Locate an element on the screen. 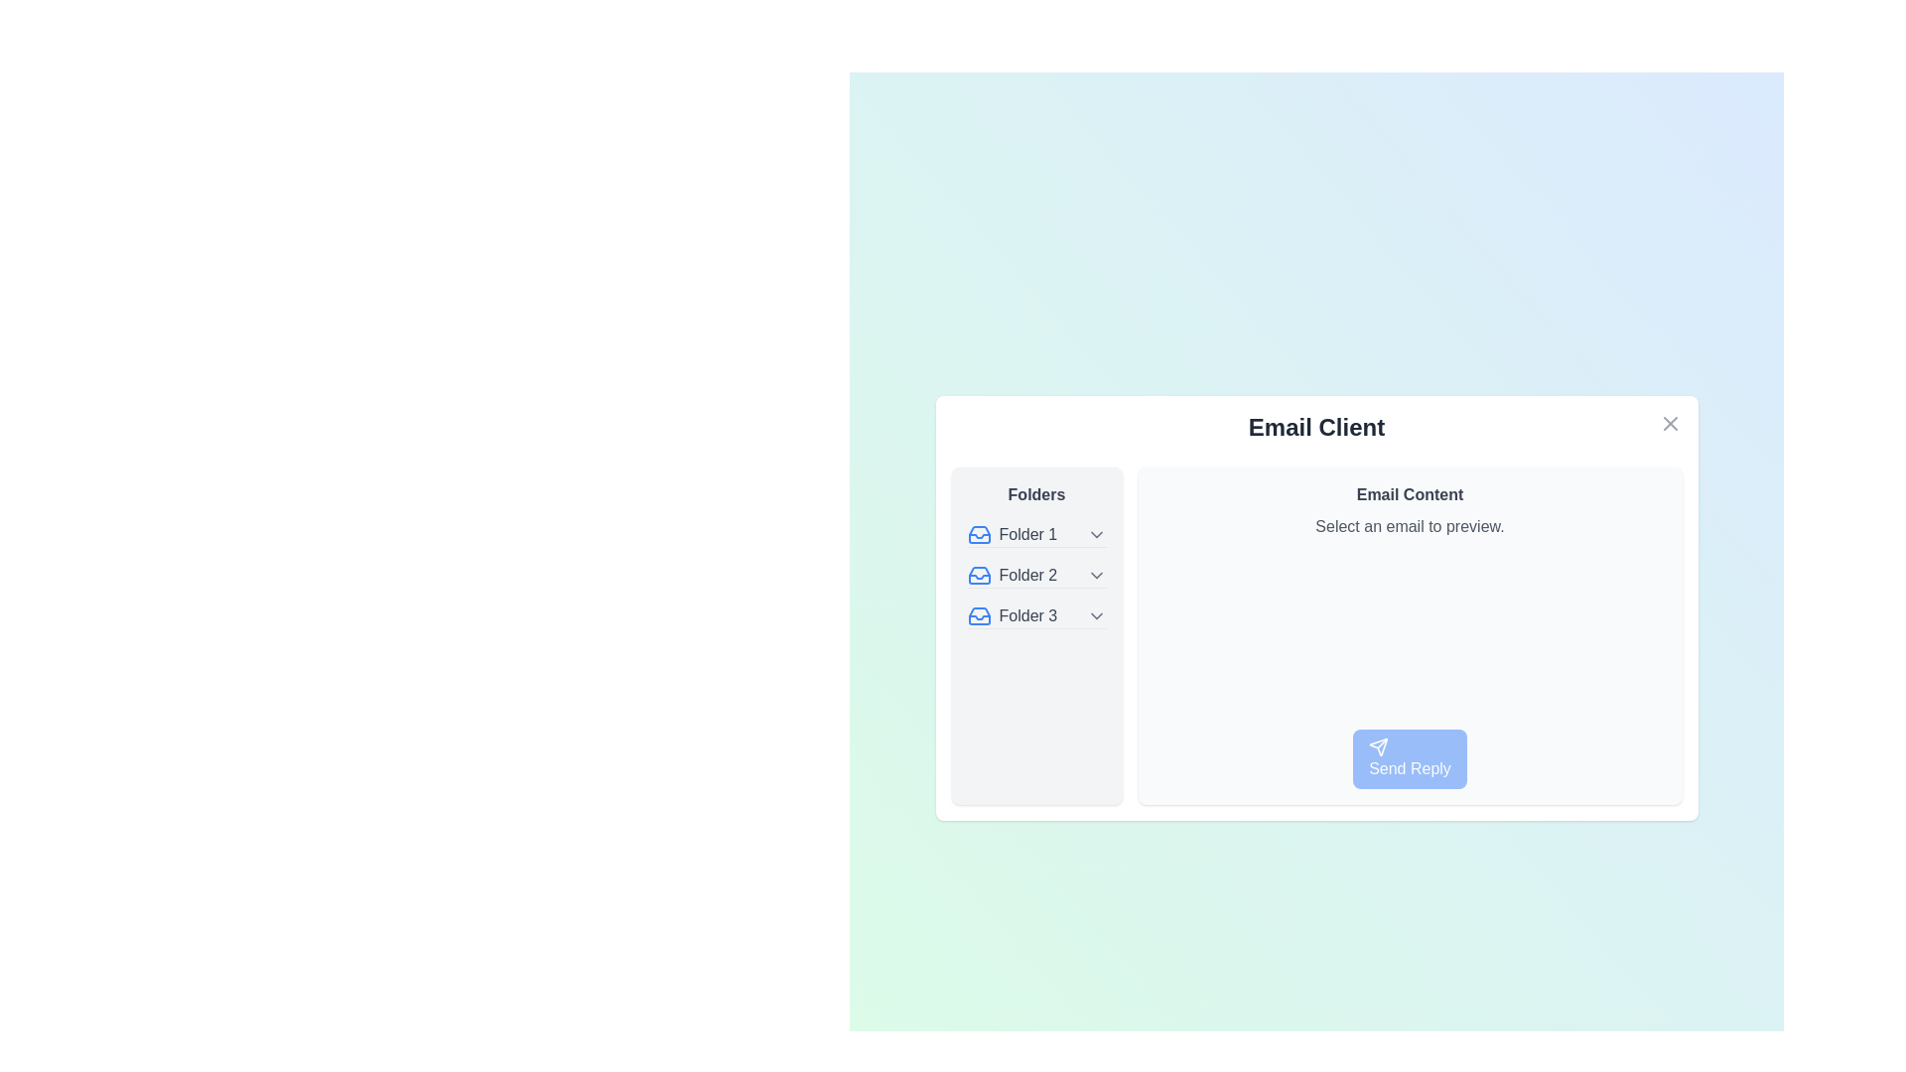 The image size is (1906, 1072). the close button (an 'X' icon) located at the top-right corner of the email client modal is located at coordinates (1669, 423).